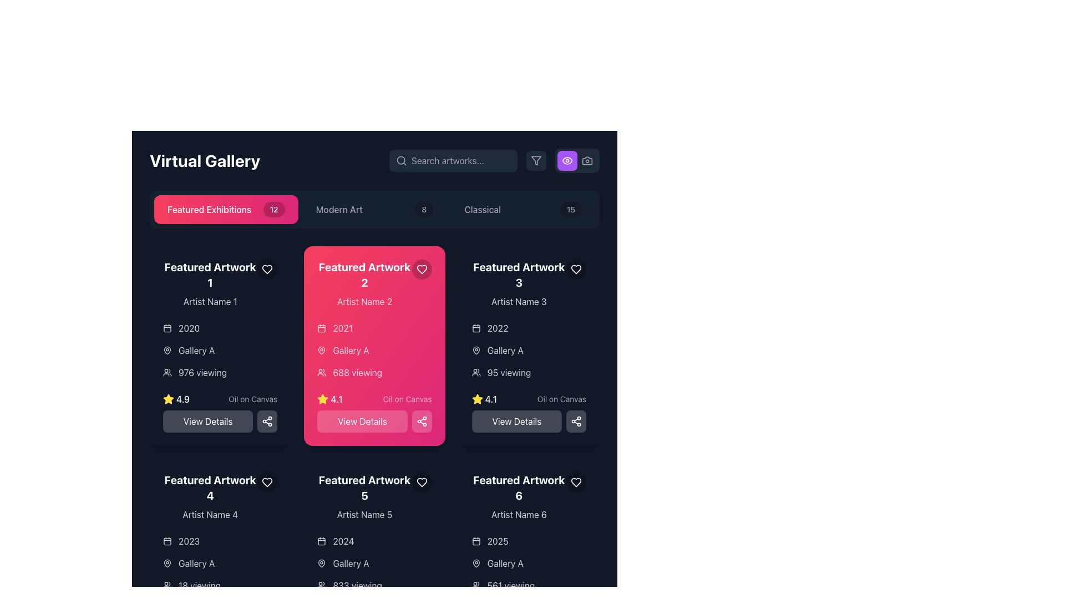 The height and width of the screenshot is (599, 1065). Describe the element at coordinates (423, 210) in the screenshot. I see `the value of the small, circular badge displaying the number '8', which is located to the right of the text 'Modern Art' within the navigation bar` at that location.